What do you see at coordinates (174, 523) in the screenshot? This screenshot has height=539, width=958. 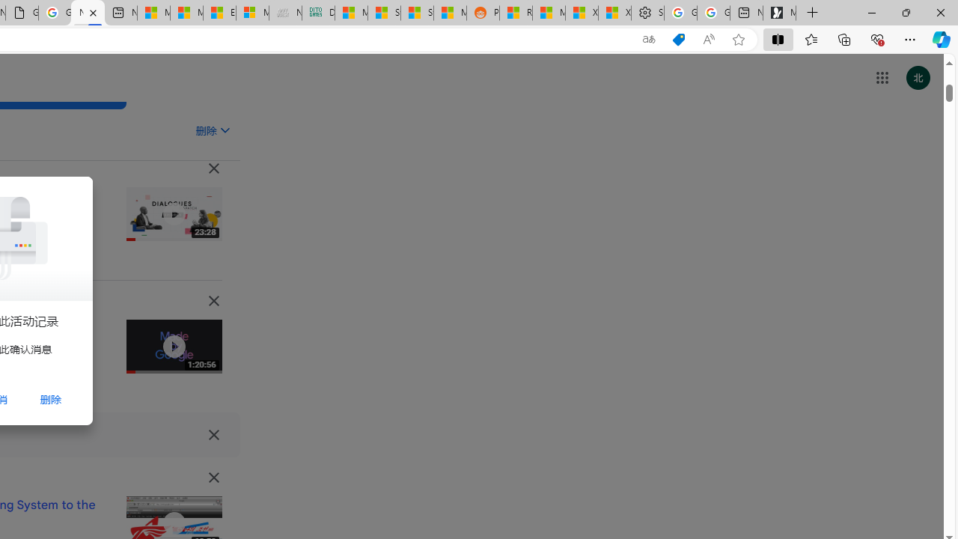 I see `'Class: IVR0f NMm5M'` at bounding box center [174, 523].